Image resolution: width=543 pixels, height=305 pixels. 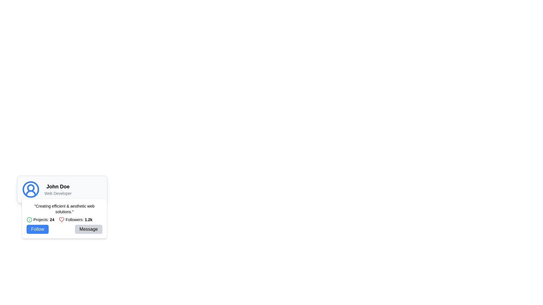 What do you see at coordinates (58, 186) in the screenshot?
I see `prominent static text element displaying 'John Doe', which is styled in bold and larger font, positioned at the top-left section of the card interface` at bounding box center [58, 186].